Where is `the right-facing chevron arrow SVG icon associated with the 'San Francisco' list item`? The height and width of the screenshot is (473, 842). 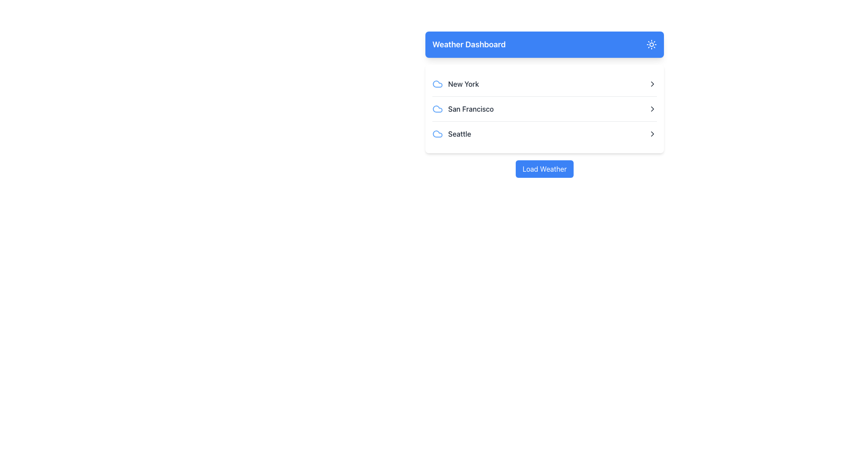 the right-facing chevron arrow SVG icon associated with the 'San Francisco' list item is located at coordinates (653, 84).